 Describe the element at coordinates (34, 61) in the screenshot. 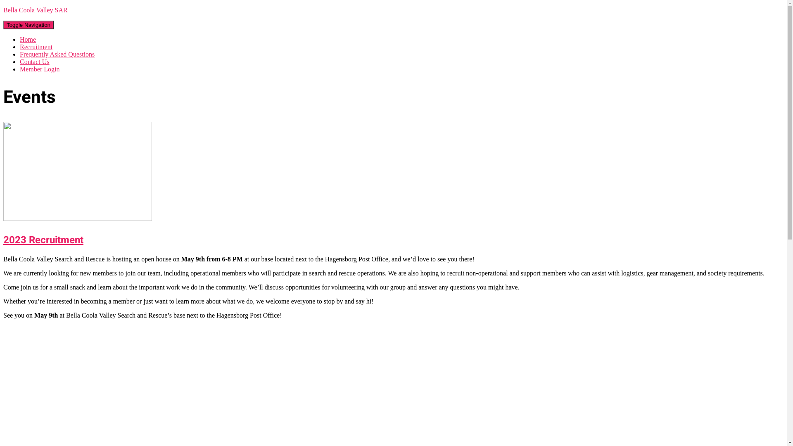

I see `'Contact Us'` at that location.